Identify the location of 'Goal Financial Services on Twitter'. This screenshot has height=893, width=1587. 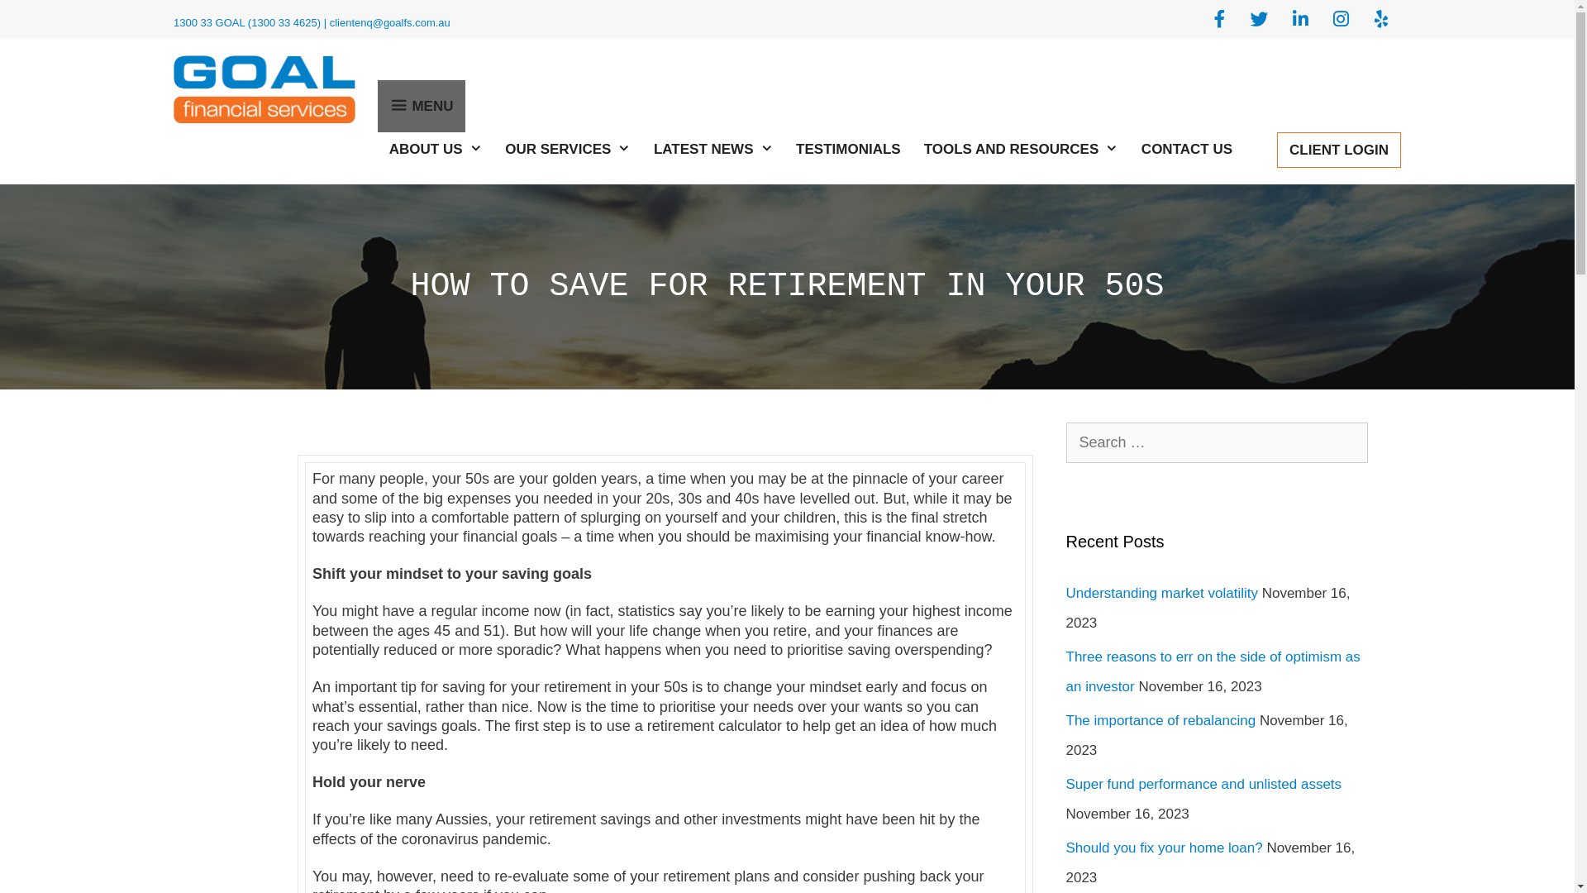
(1259, 19).